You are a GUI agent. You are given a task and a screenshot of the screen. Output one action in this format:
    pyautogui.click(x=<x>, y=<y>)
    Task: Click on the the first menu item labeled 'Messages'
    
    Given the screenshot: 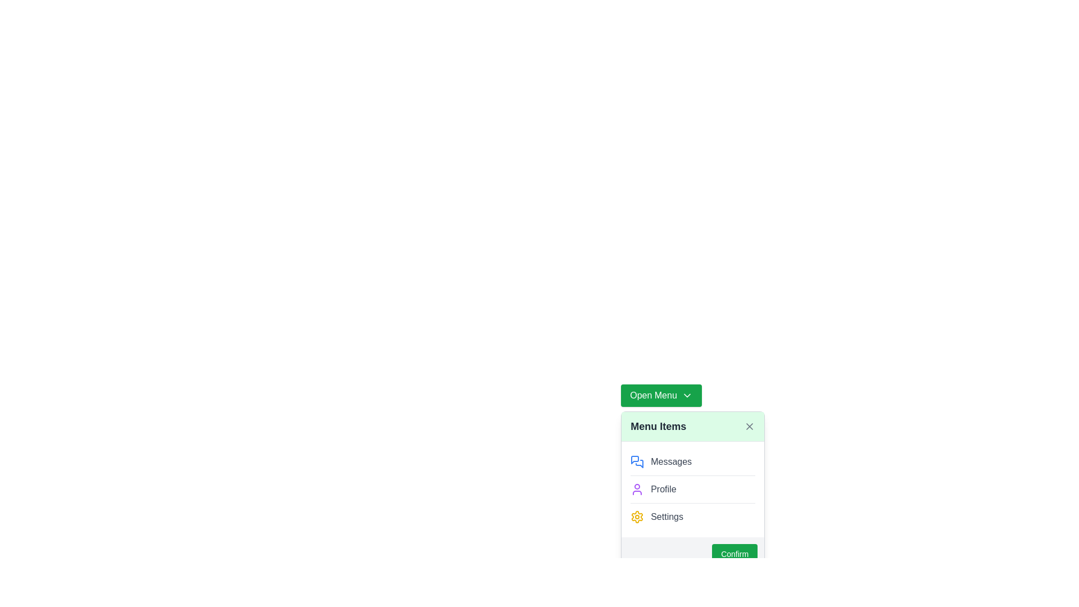 What is the action you would take?
    pyautogui.click(x=692, y=461)
    